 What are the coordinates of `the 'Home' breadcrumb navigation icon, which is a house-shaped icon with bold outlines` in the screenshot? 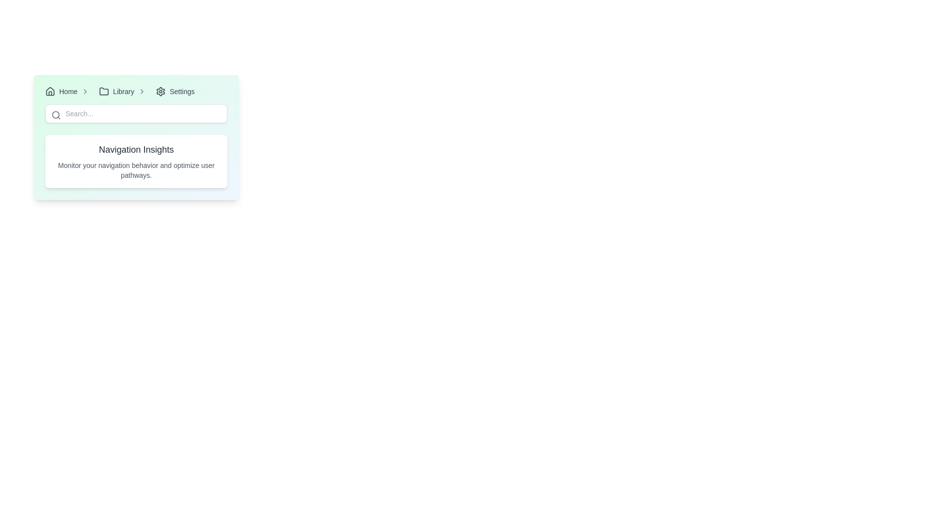 It's located at (49, 91).